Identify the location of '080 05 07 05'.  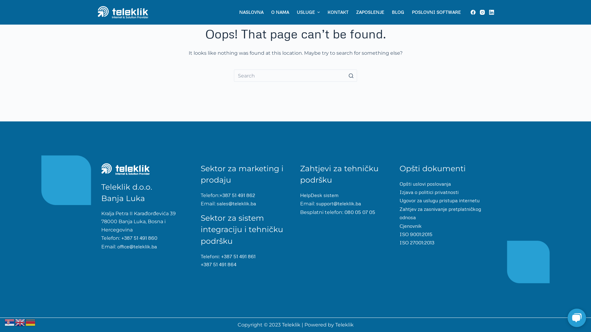
(359, 212).